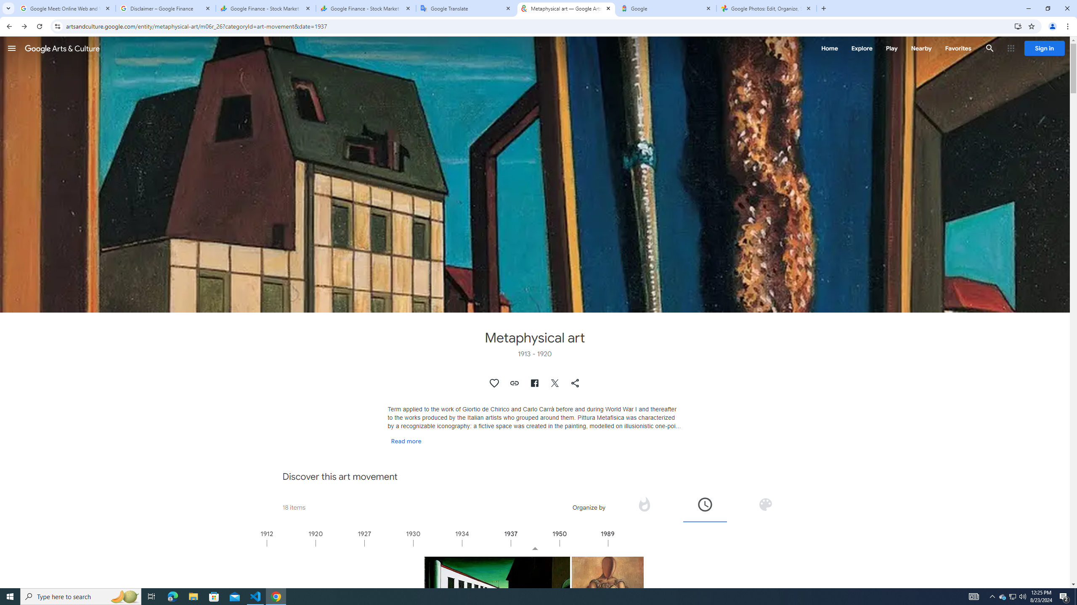 The image size is (1077, 605). What do you see at coordinates (535, 542) in the screenshot?
I see `'1937'` at bounding box center [535, 542].